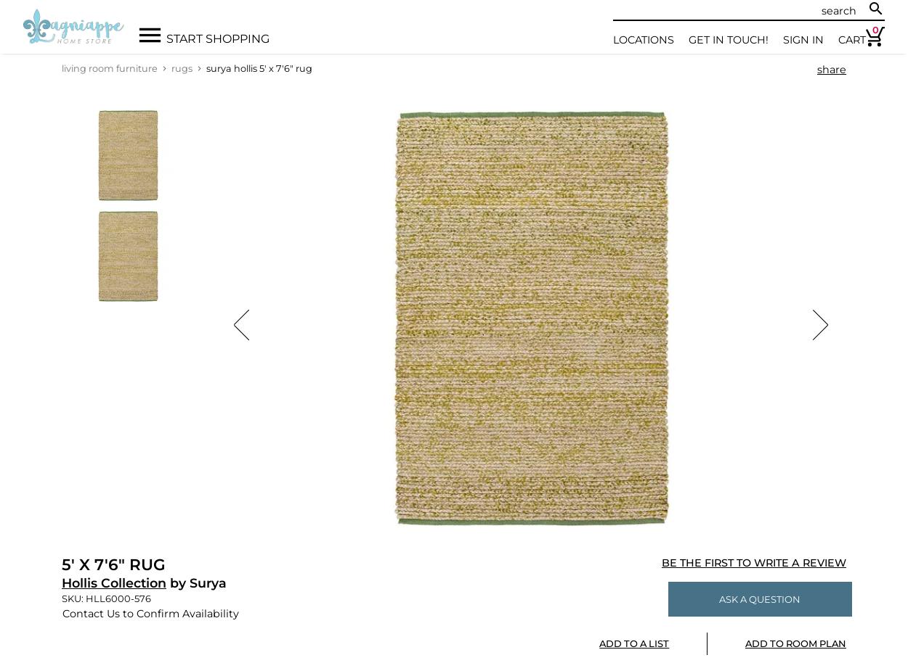 The width and height of the screenshot is (908, 671). Describe the element at coordinates (150, 612) in the screenshot. I see `'Contact Us to Confirm Availability'` at that location.